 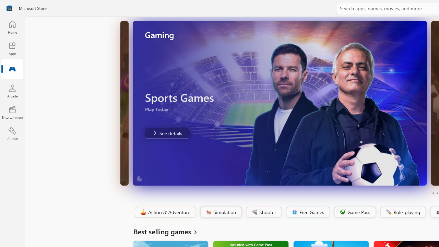 I want to click on 'Page 2', so click(x=437, y=193).